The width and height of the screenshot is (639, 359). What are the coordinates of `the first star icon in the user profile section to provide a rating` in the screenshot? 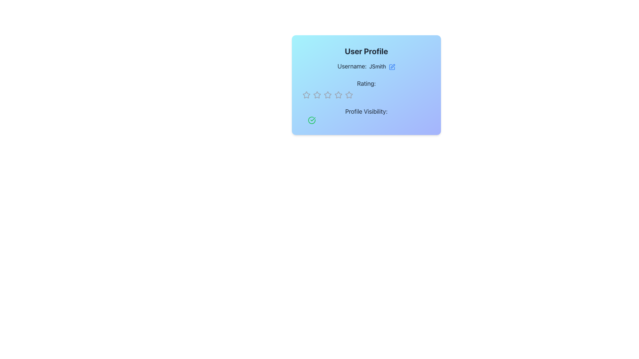 It's located at (306, 95).